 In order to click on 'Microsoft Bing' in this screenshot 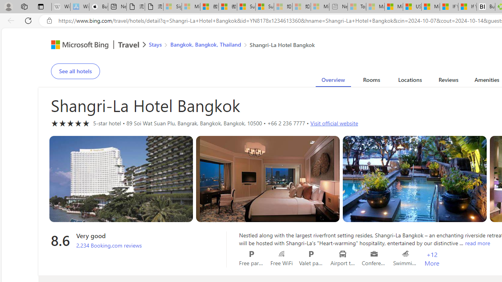, I will do `click(76, 46)`.